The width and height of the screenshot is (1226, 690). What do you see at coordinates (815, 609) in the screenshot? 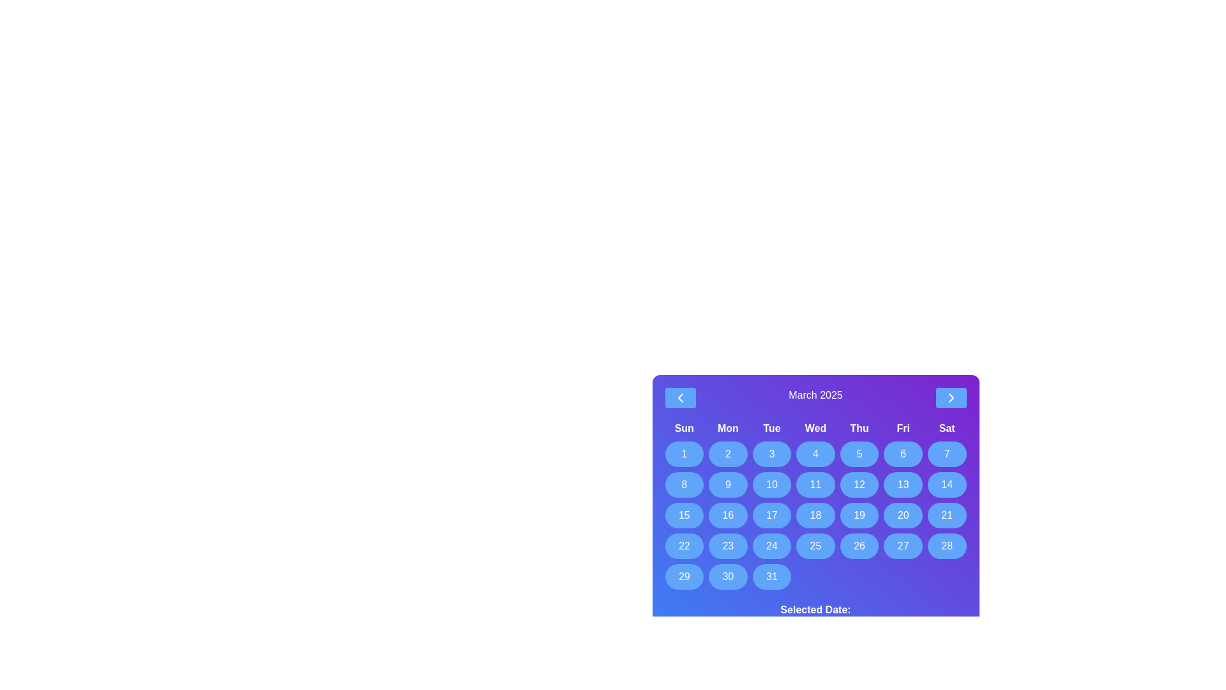
I see `the text label displaying 'Selected Date:' which is centrally positioned below the calendar view` at bounding box center [815, 609].